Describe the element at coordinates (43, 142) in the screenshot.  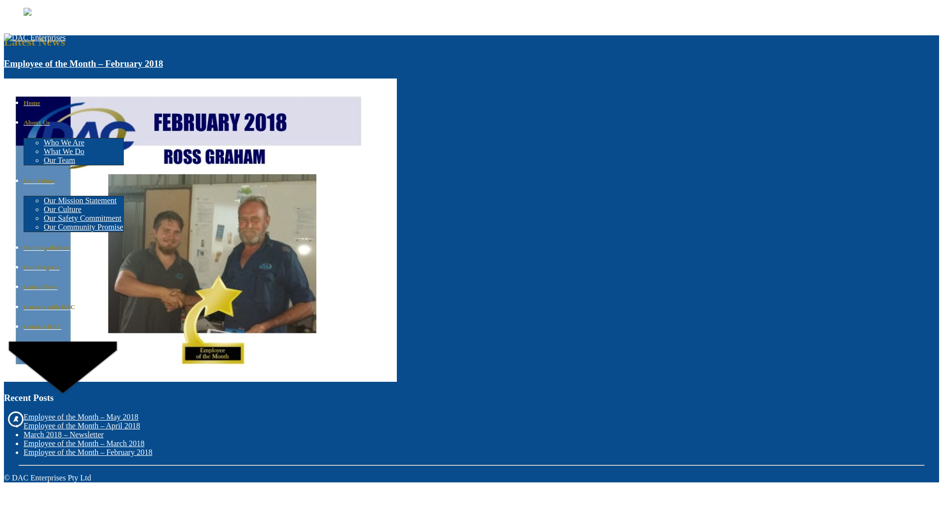
I see `'Who We Are'` at that location.